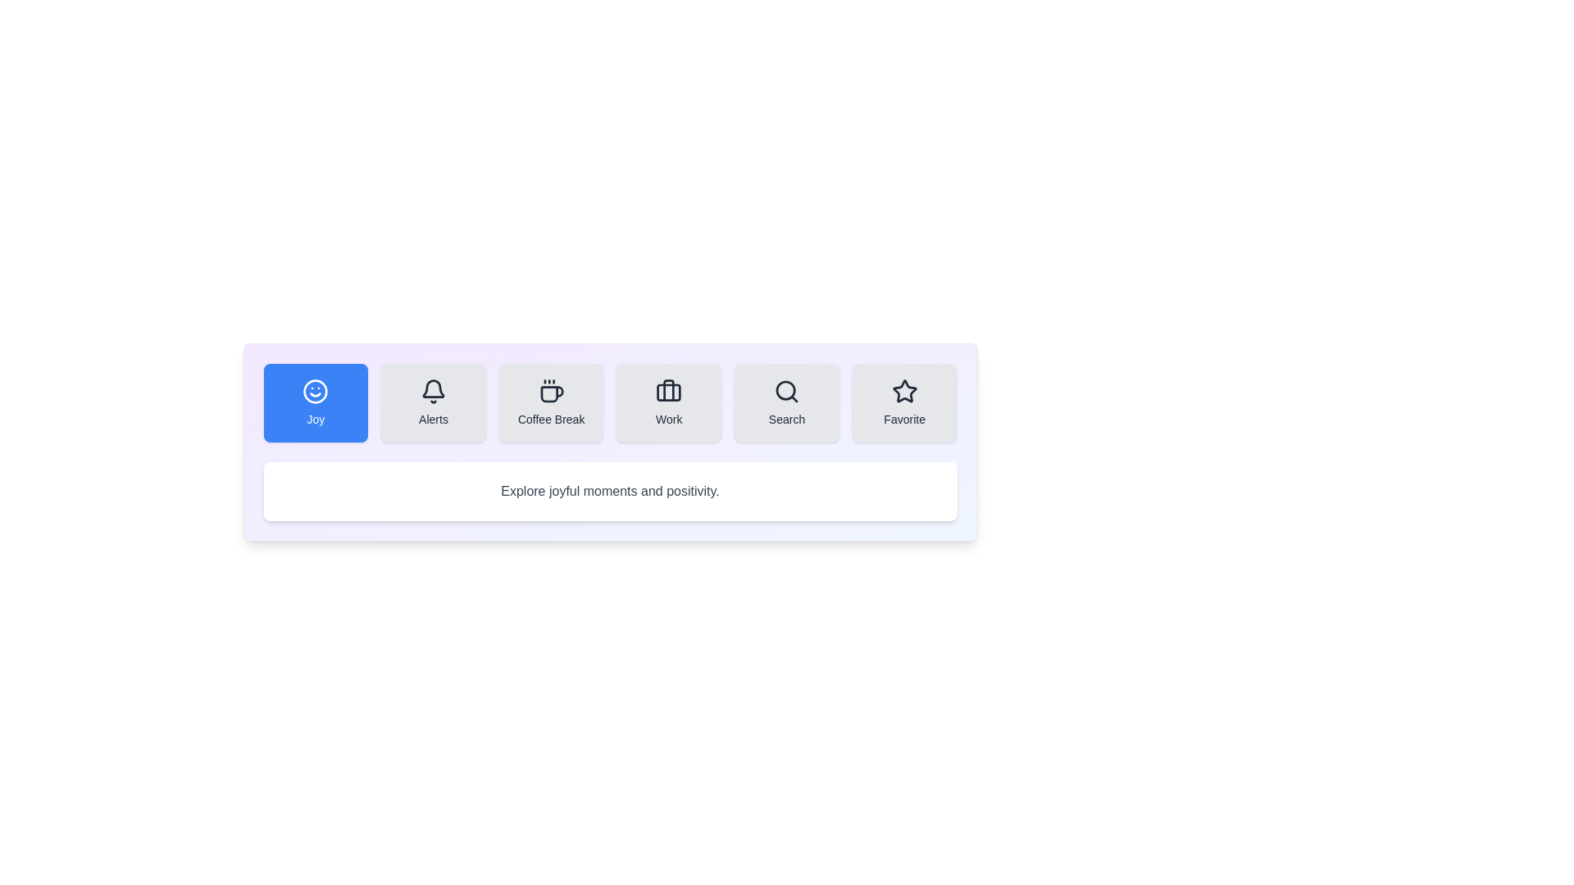 The width and height of the screenshot is (1574, 885). I want to click on the Joy tab to switch its content, so click(316, 403).